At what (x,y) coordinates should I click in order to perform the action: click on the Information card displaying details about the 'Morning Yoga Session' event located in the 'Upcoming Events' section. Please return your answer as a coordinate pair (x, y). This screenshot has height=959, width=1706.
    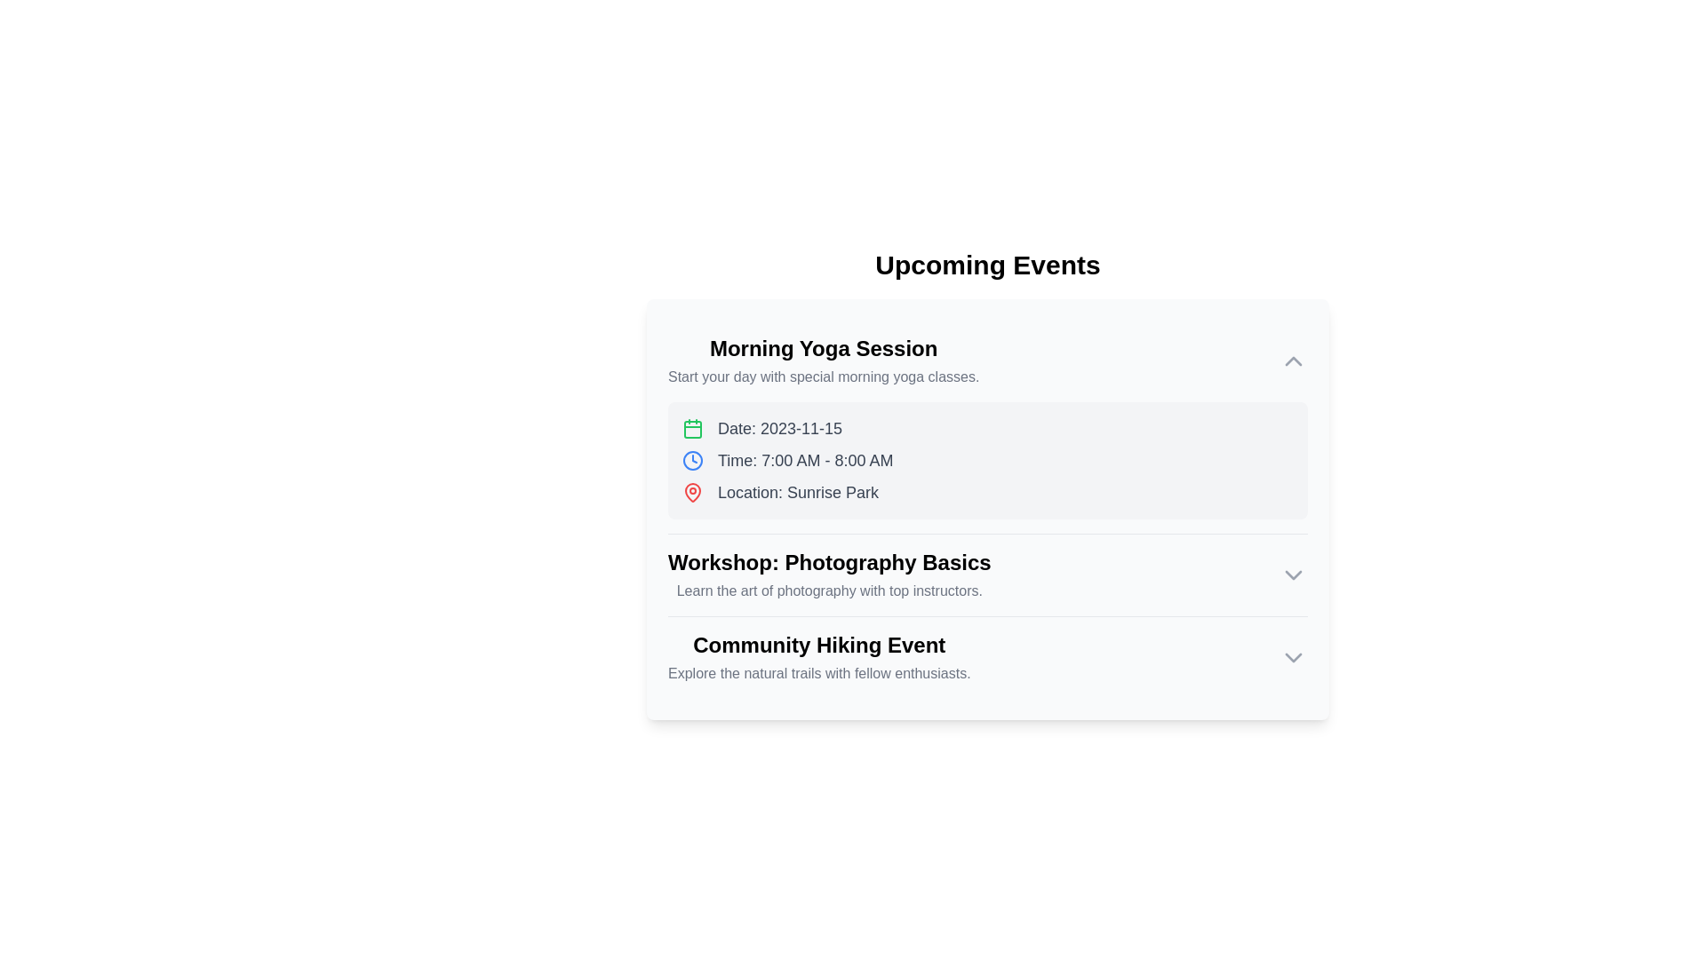
    Looking at the image, I should click on (987, 460).